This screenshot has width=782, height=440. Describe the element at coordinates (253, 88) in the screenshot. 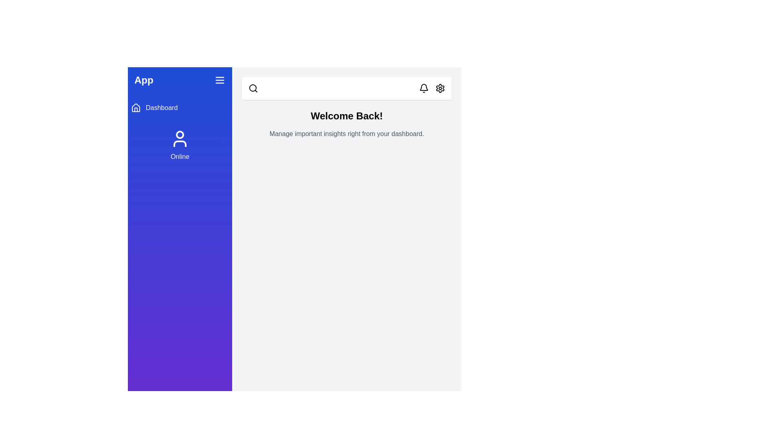

I see `the search icon to initiate the search functionality` at that location.